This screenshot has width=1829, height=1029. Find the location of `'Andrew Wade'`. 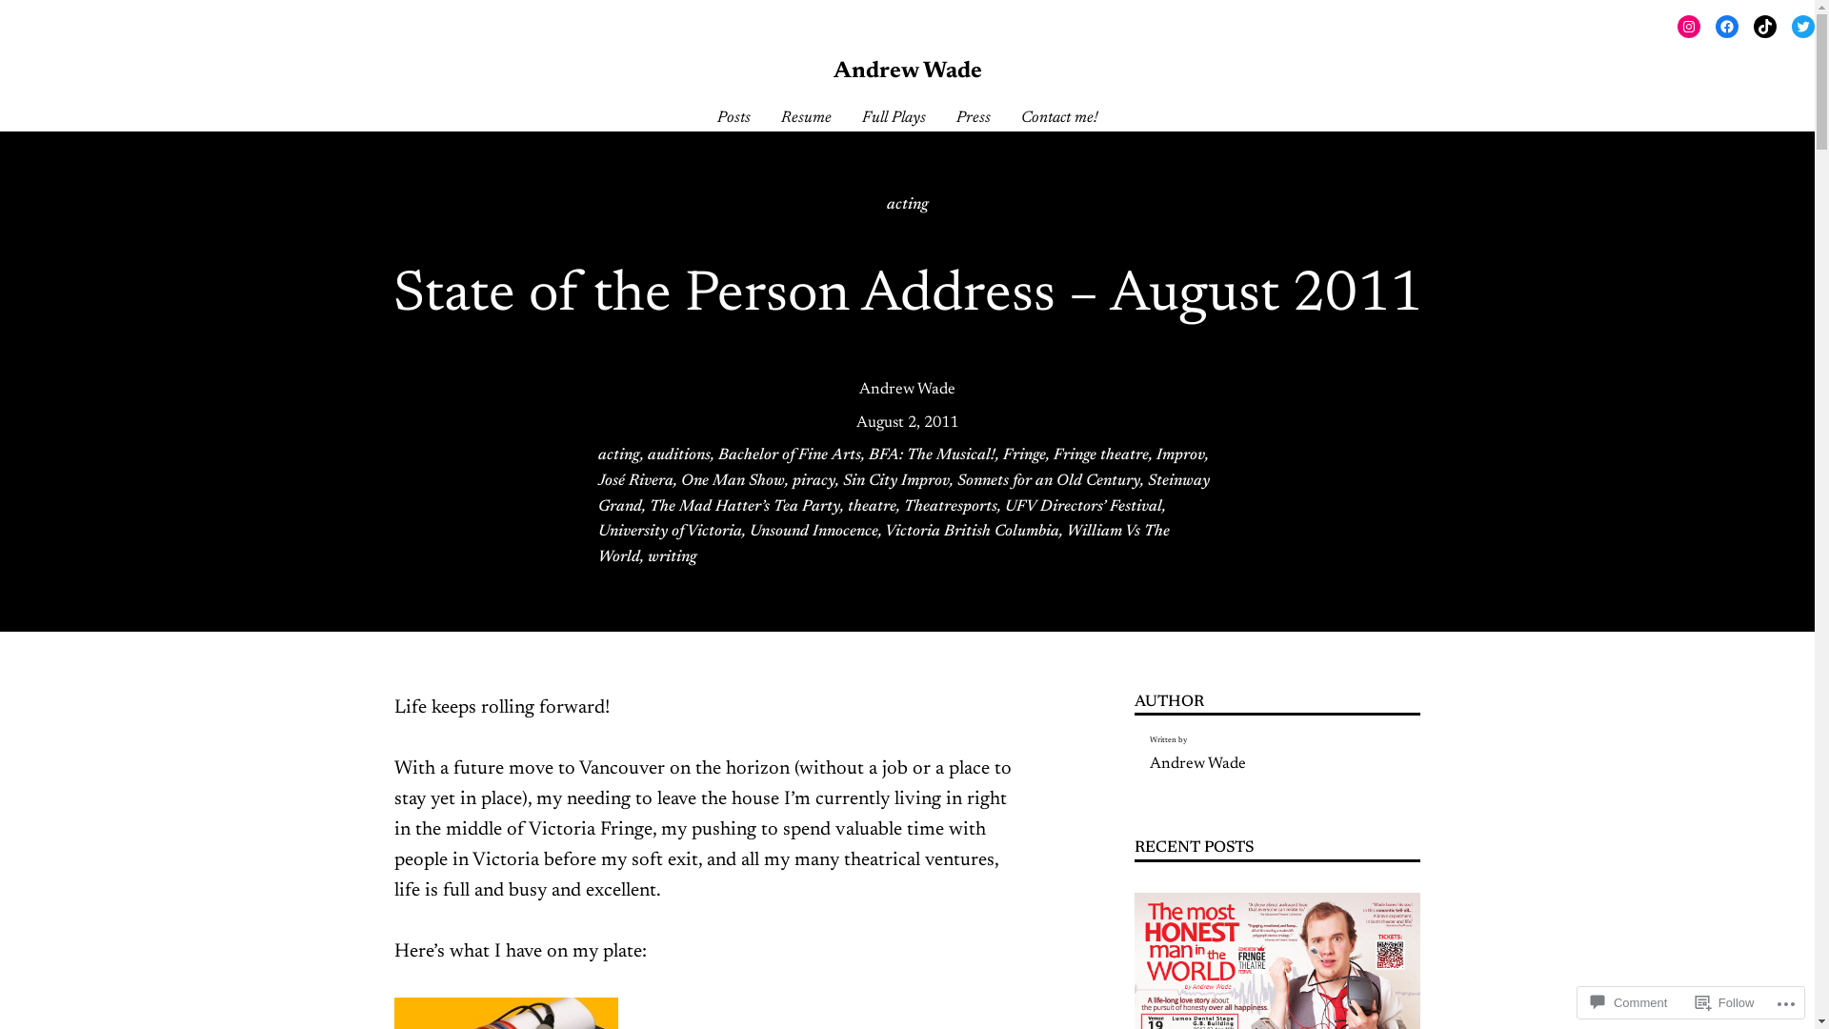

'Andrew Wade' is located at coordinates (1196, 763).